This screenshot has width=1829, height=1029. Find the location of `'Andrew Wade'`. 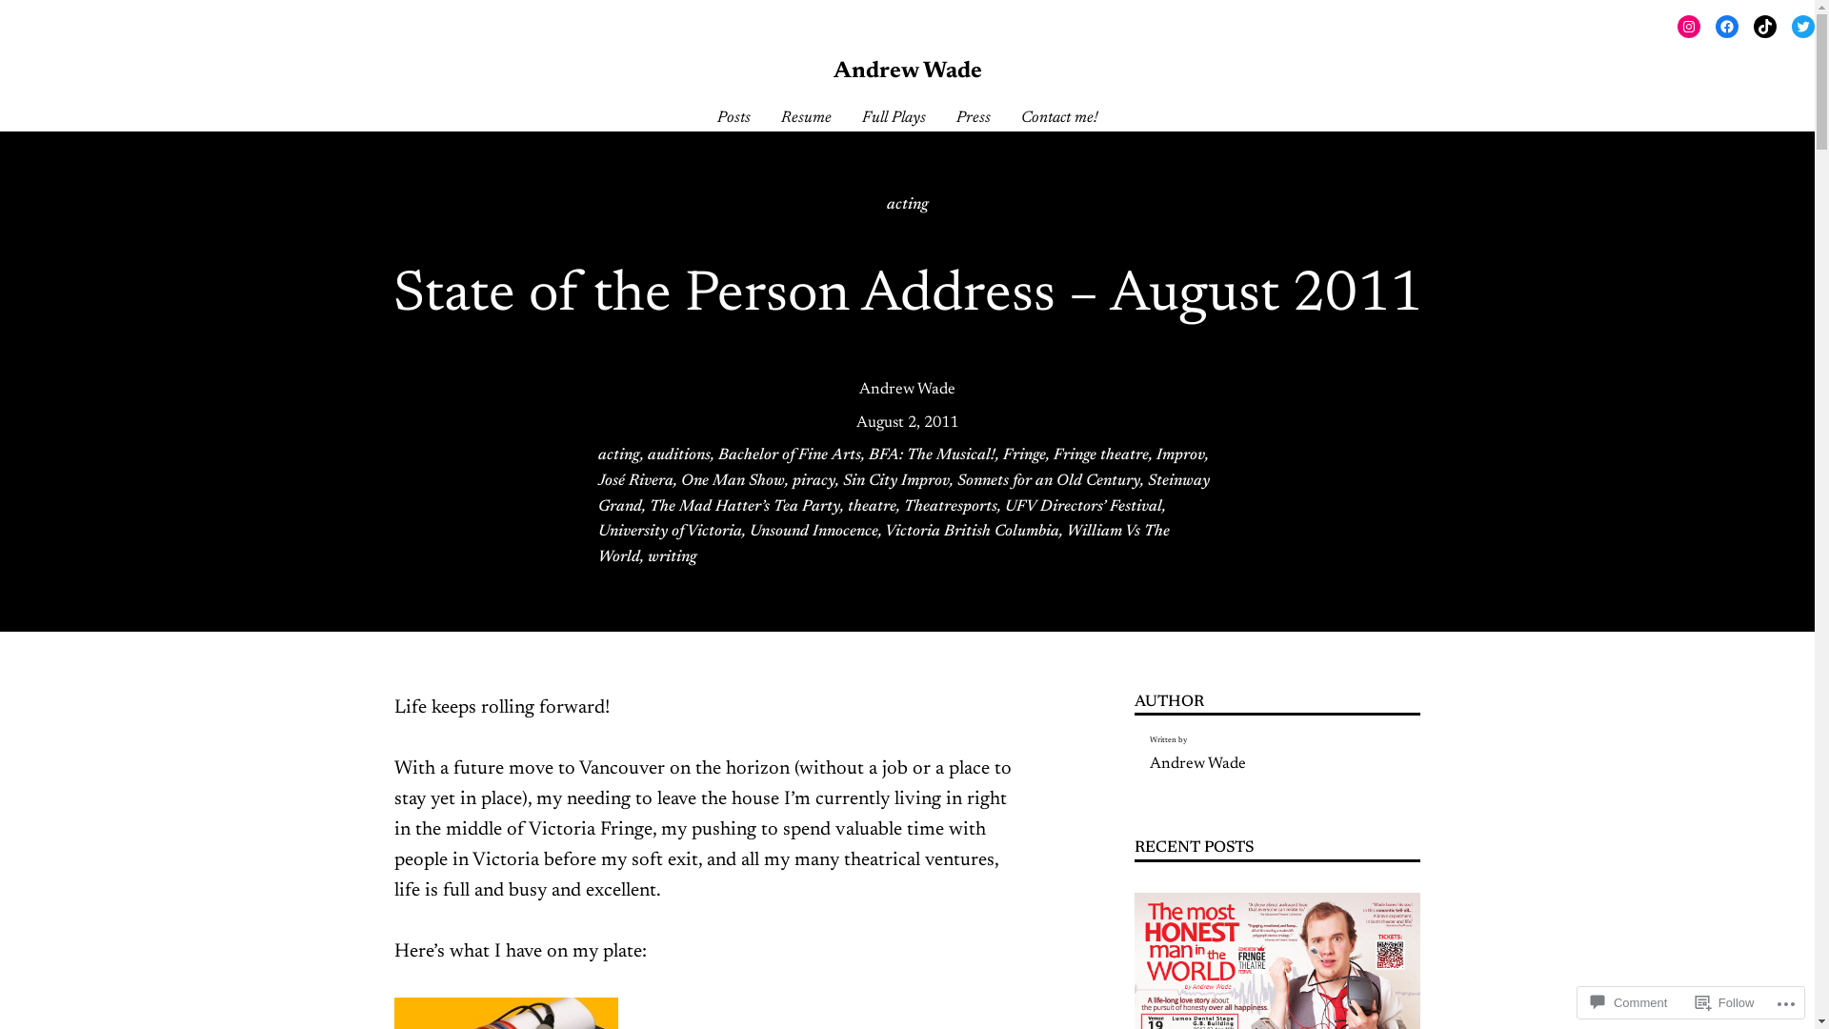

'Andrew Wade' is located at coordinates (1196, 763).